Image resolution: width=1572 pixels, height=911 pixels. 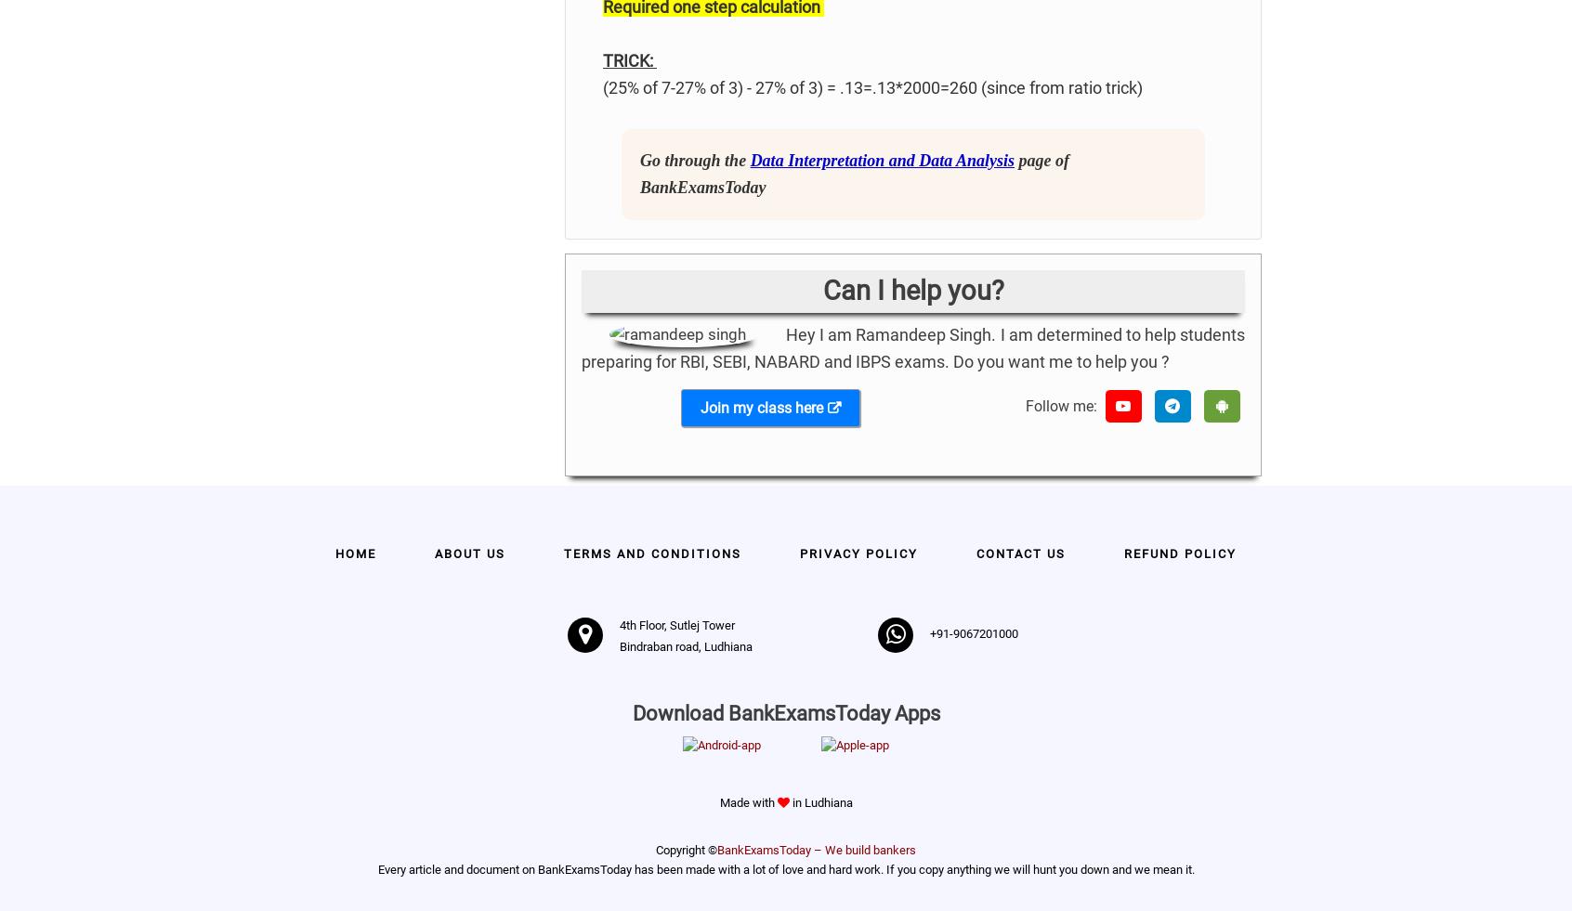 I want to click on '(25% of 7-27% of 3) - 27% of 3) = .13=.13*2000=260 (since from ratio trick)', so click(x=872, y=85).